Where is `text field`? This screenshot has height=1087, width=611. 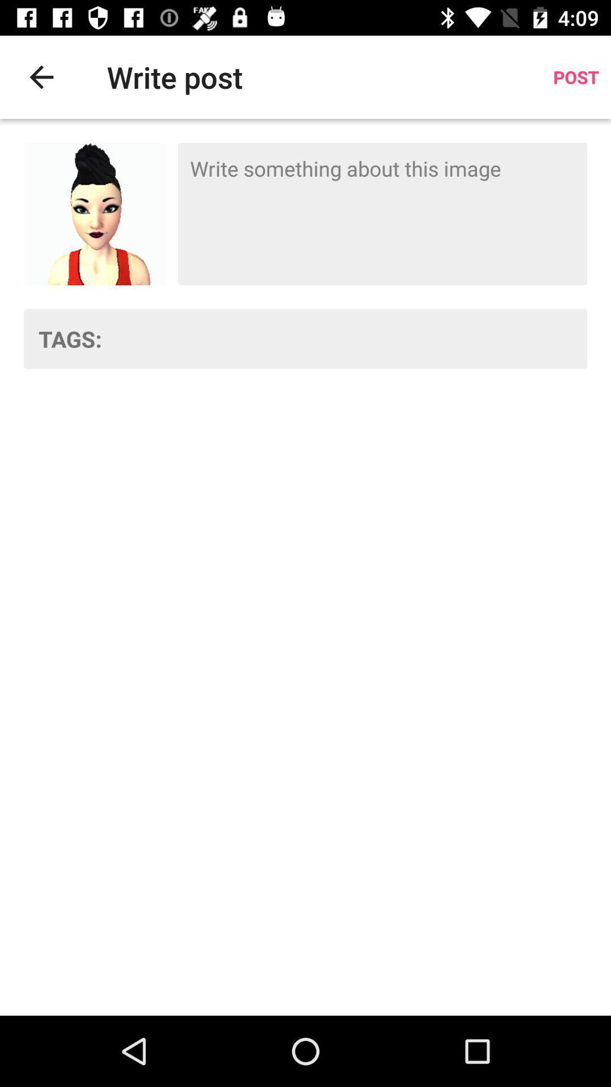 text field is located at coordinates (382, 214).